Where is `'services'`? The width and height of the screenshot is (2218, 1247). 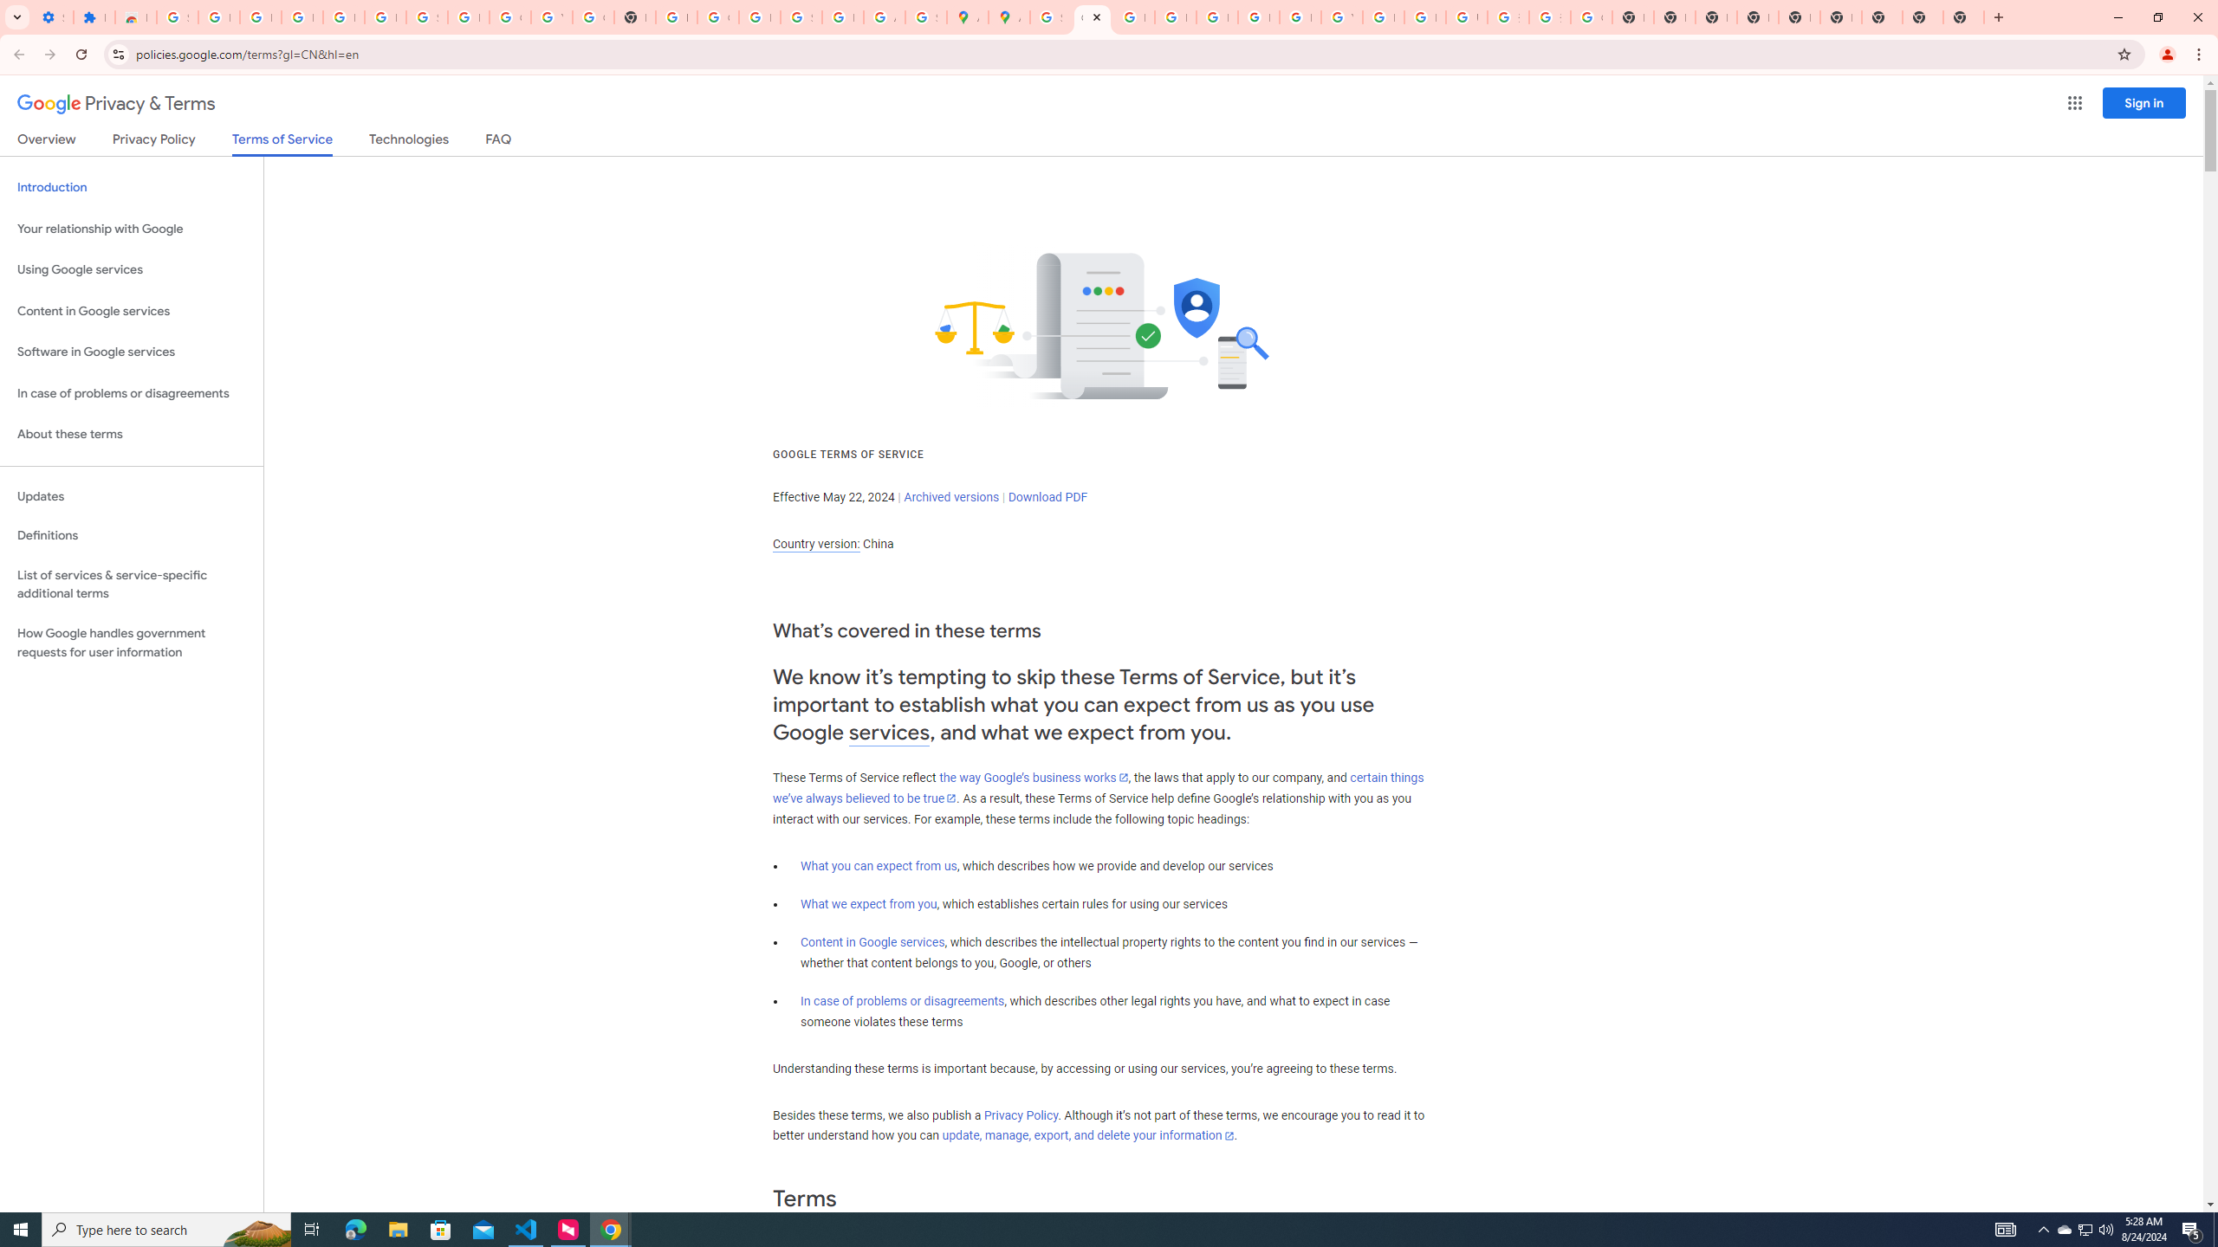
'services' is located at coordinates (889, 733).